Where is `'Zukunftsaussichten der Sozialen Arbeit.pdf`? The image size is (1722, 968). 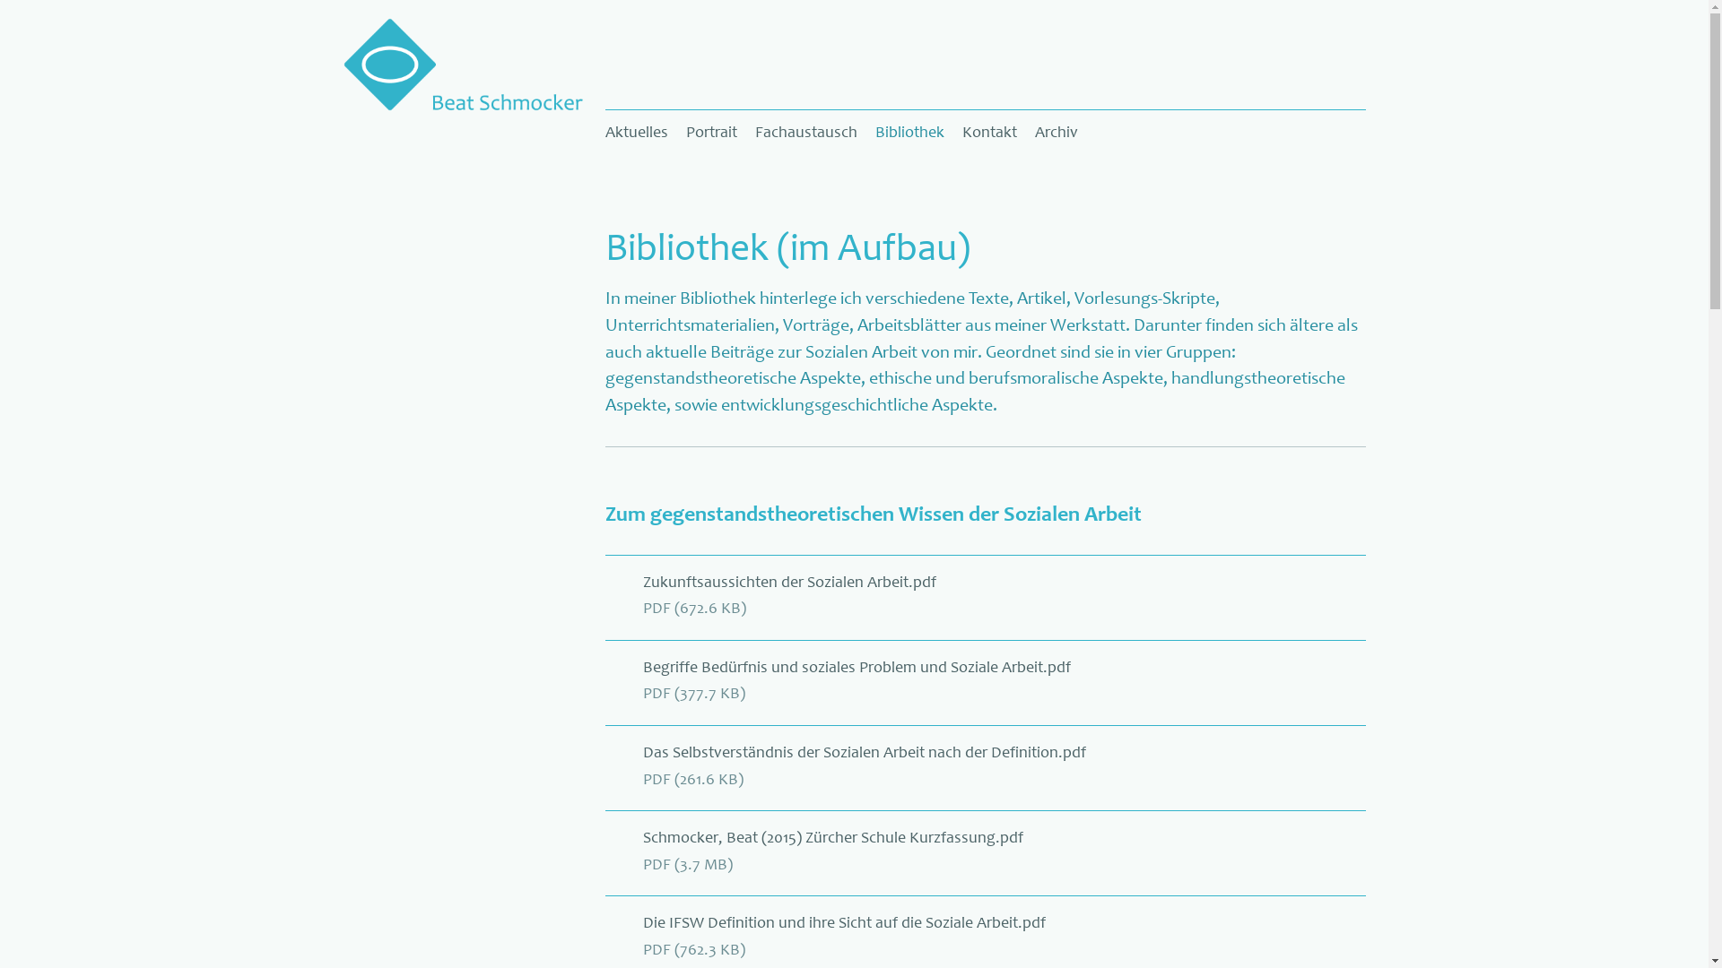 'Zukunftsaussichten der Sozialen Arbeit.pdf is located at coordinates (985, 616).